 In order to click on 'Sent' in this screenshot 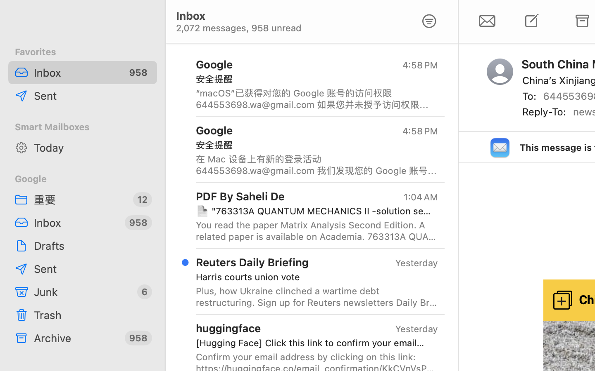, I will do `click(92, 95)`.